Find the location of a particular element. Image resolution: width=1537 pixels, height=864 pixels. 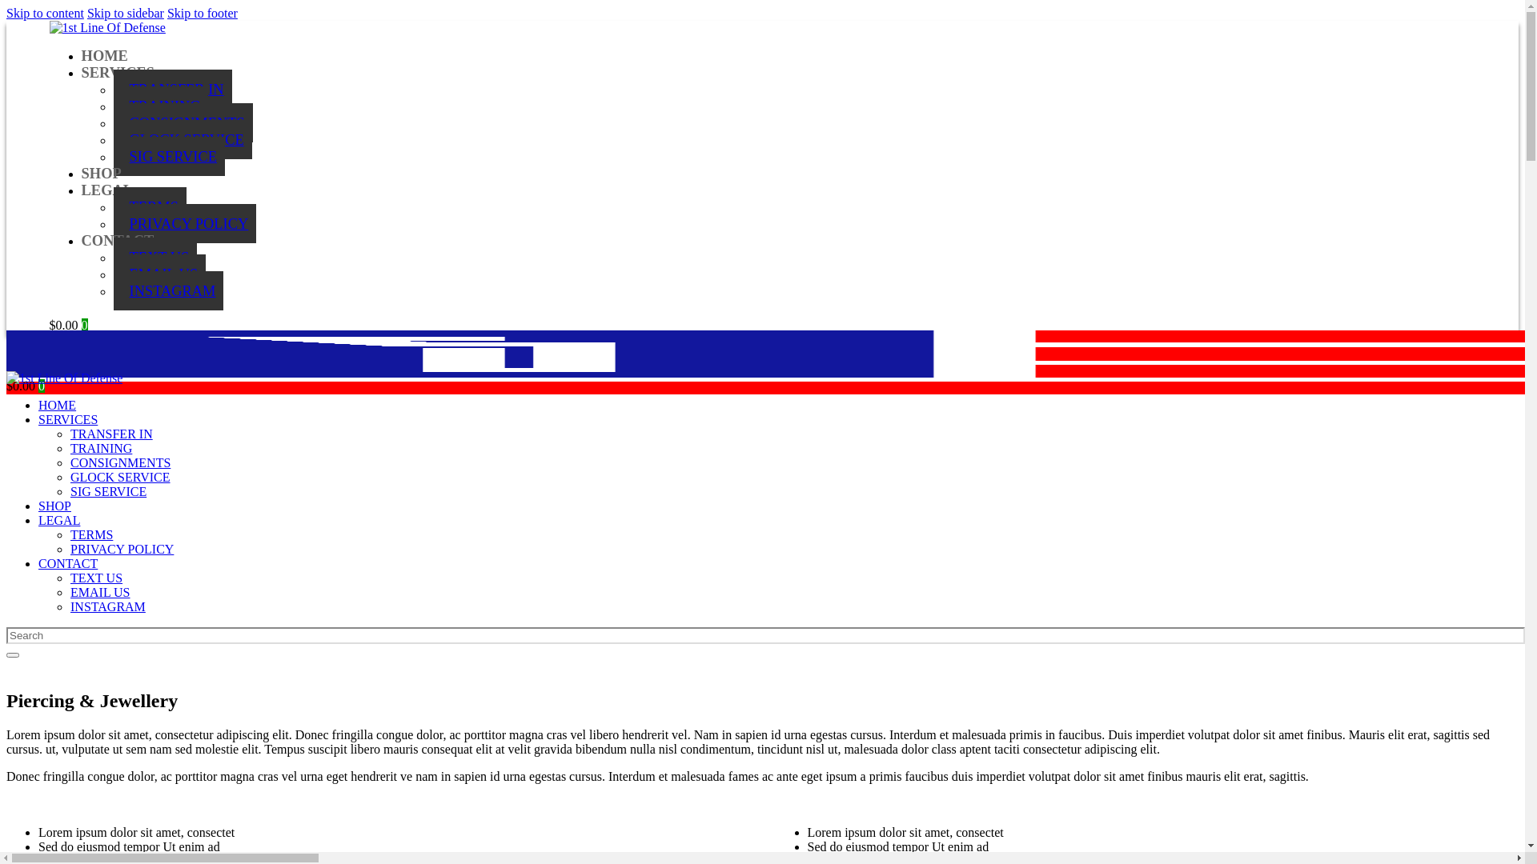

'INSTAGRAM' is located at coordinates (169, 290).